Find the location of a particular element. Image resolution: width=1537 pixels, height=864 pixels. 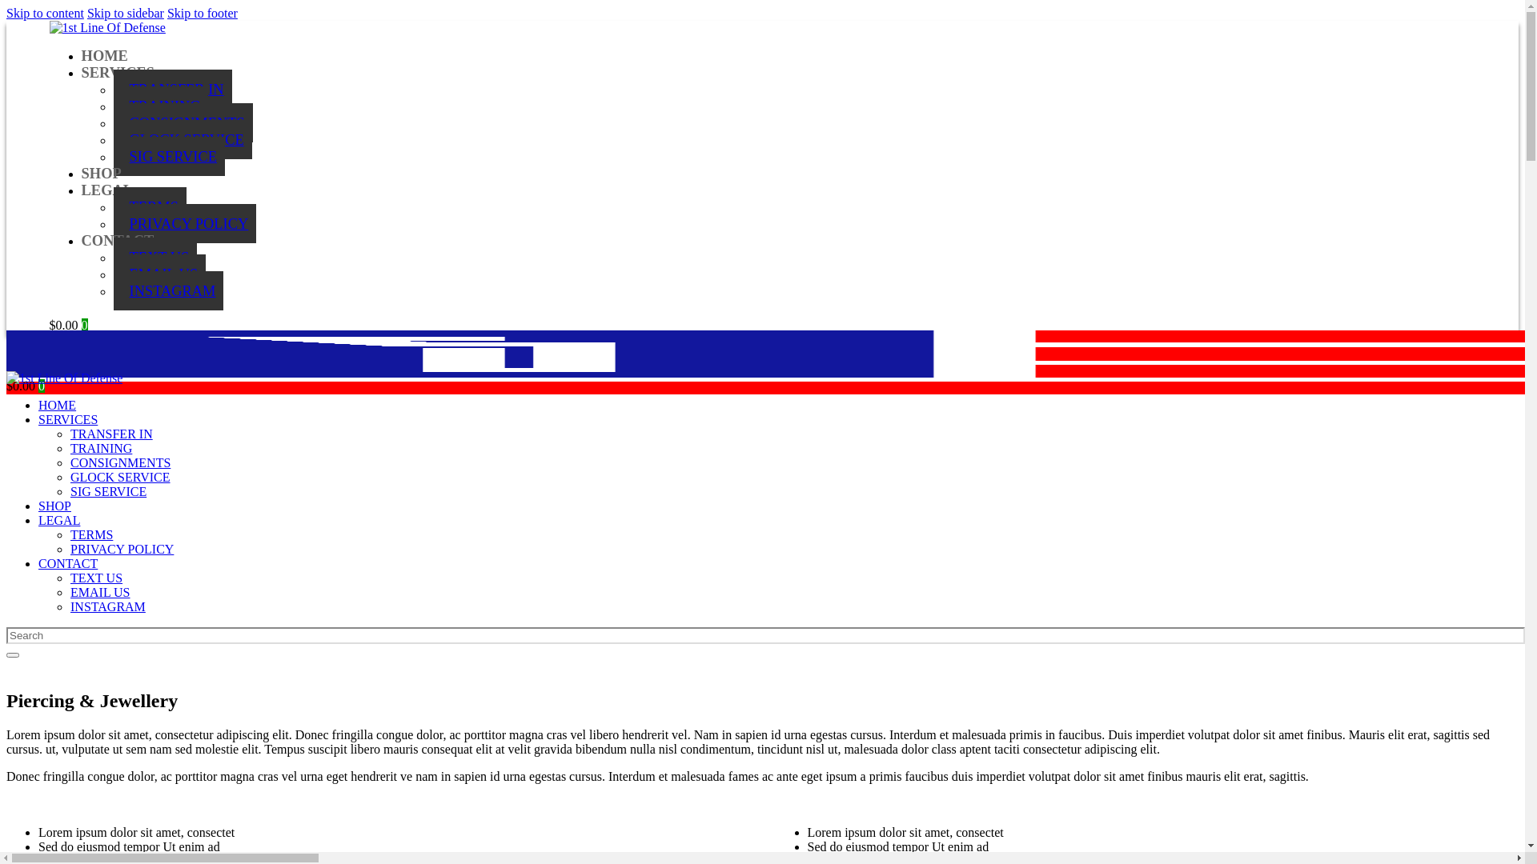

'INSTAGRAM' is located at coordinates (169, 290).